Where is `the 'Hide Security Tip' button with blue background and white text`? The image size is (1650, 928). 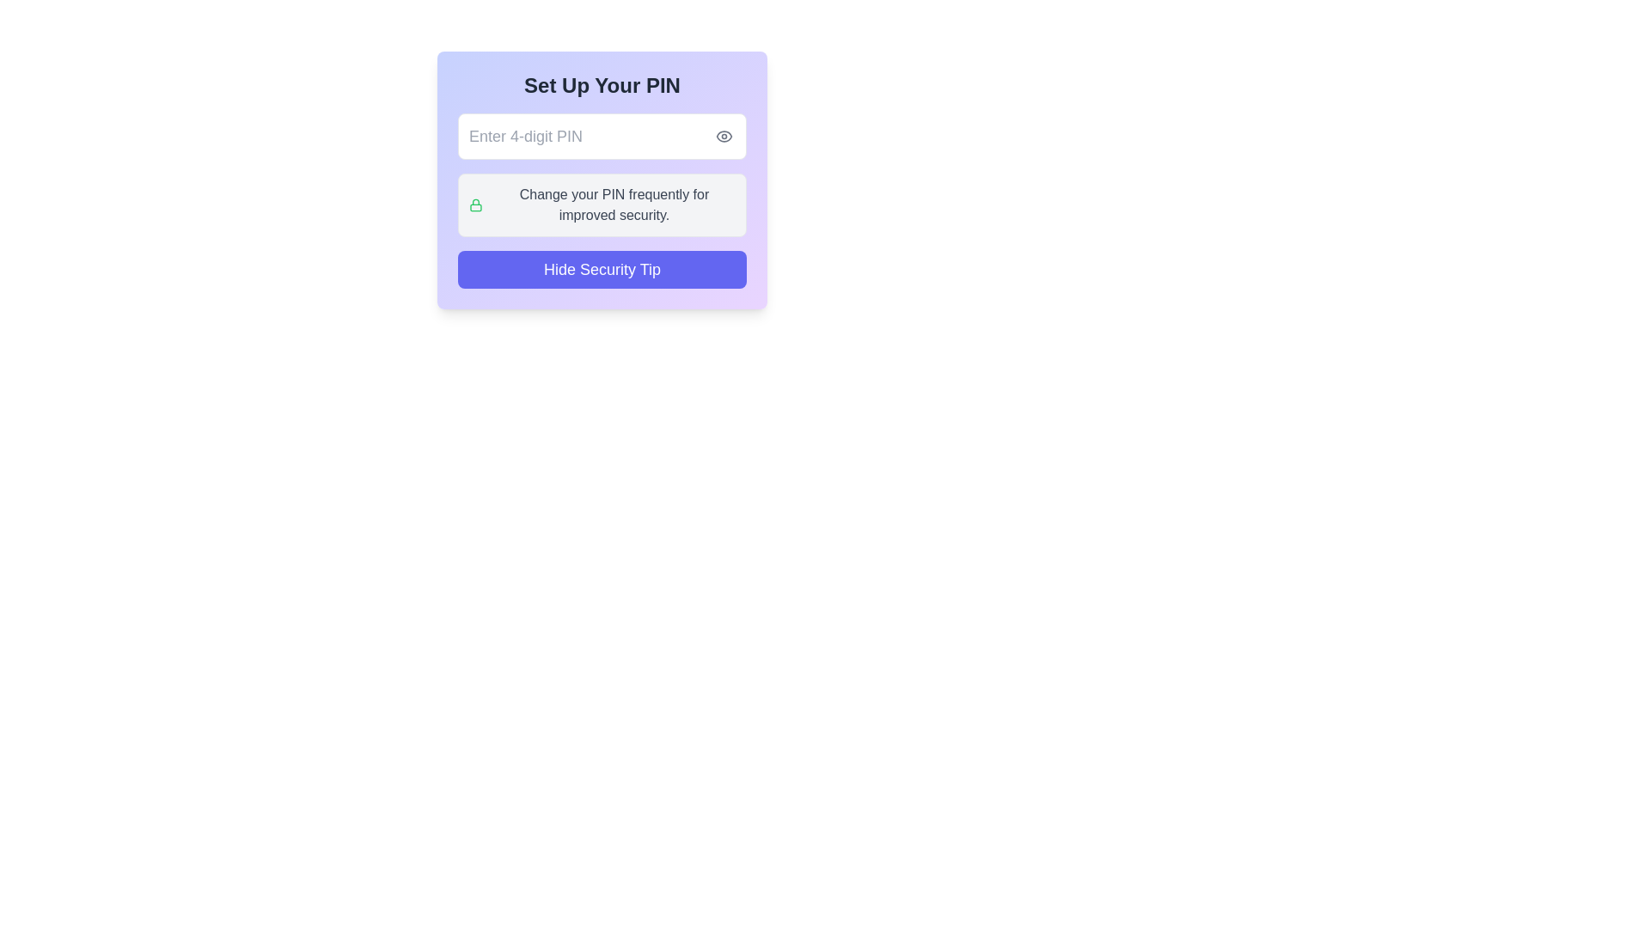
the 'Hide Security Tip' button with blue background and white text is located at coordinates (602, 269).